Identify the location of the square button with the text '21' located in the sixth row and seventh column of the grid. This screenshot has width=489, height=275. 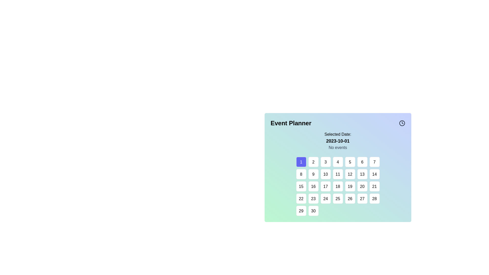
(374, 186).